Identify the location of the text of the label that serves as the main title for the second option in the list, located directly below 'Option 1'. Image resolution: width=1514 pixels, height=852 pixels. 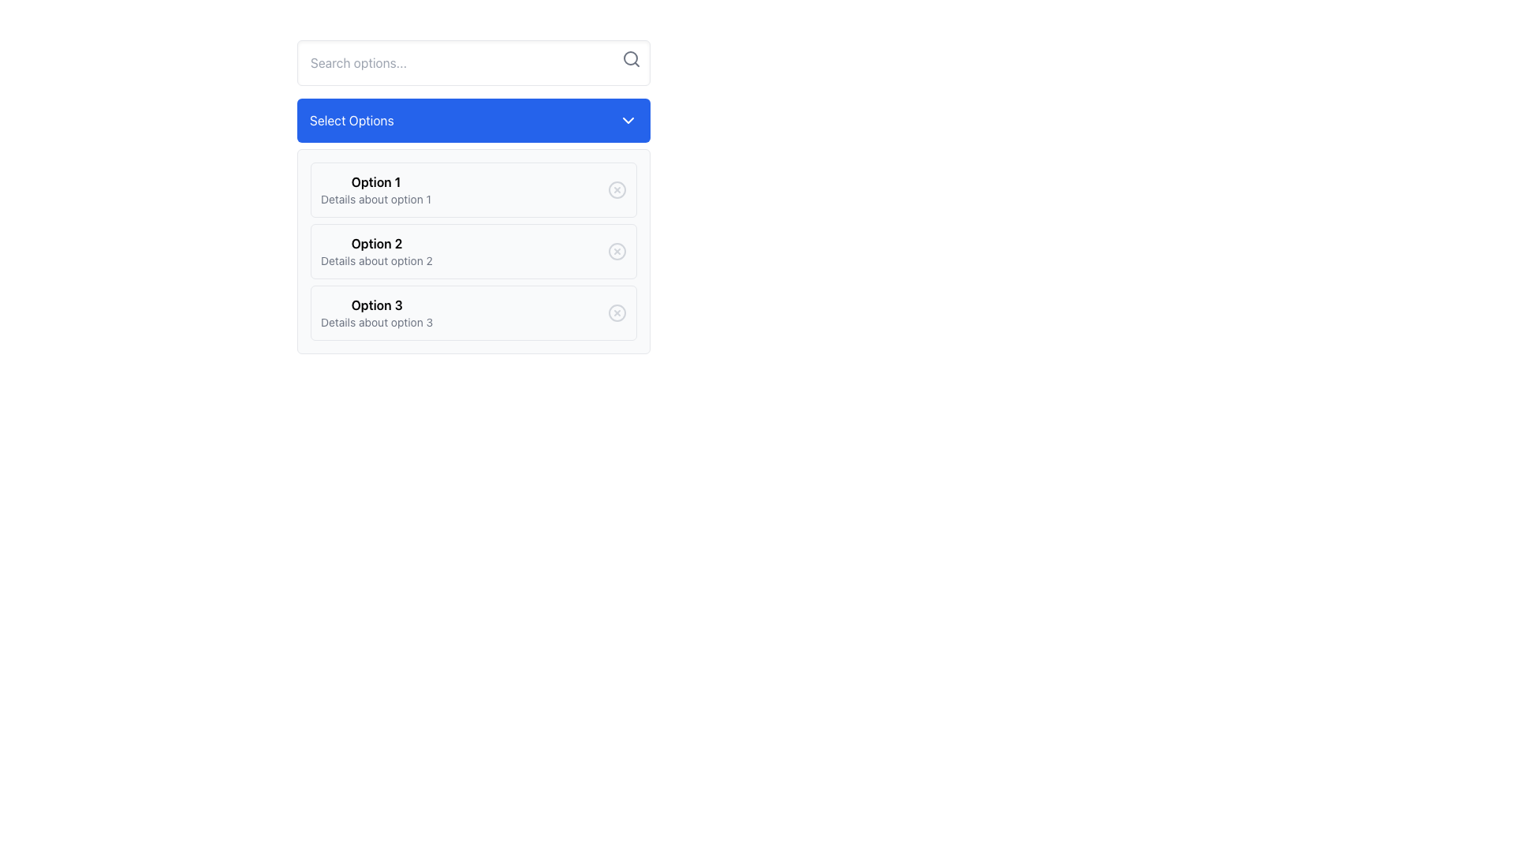
(375, 243).